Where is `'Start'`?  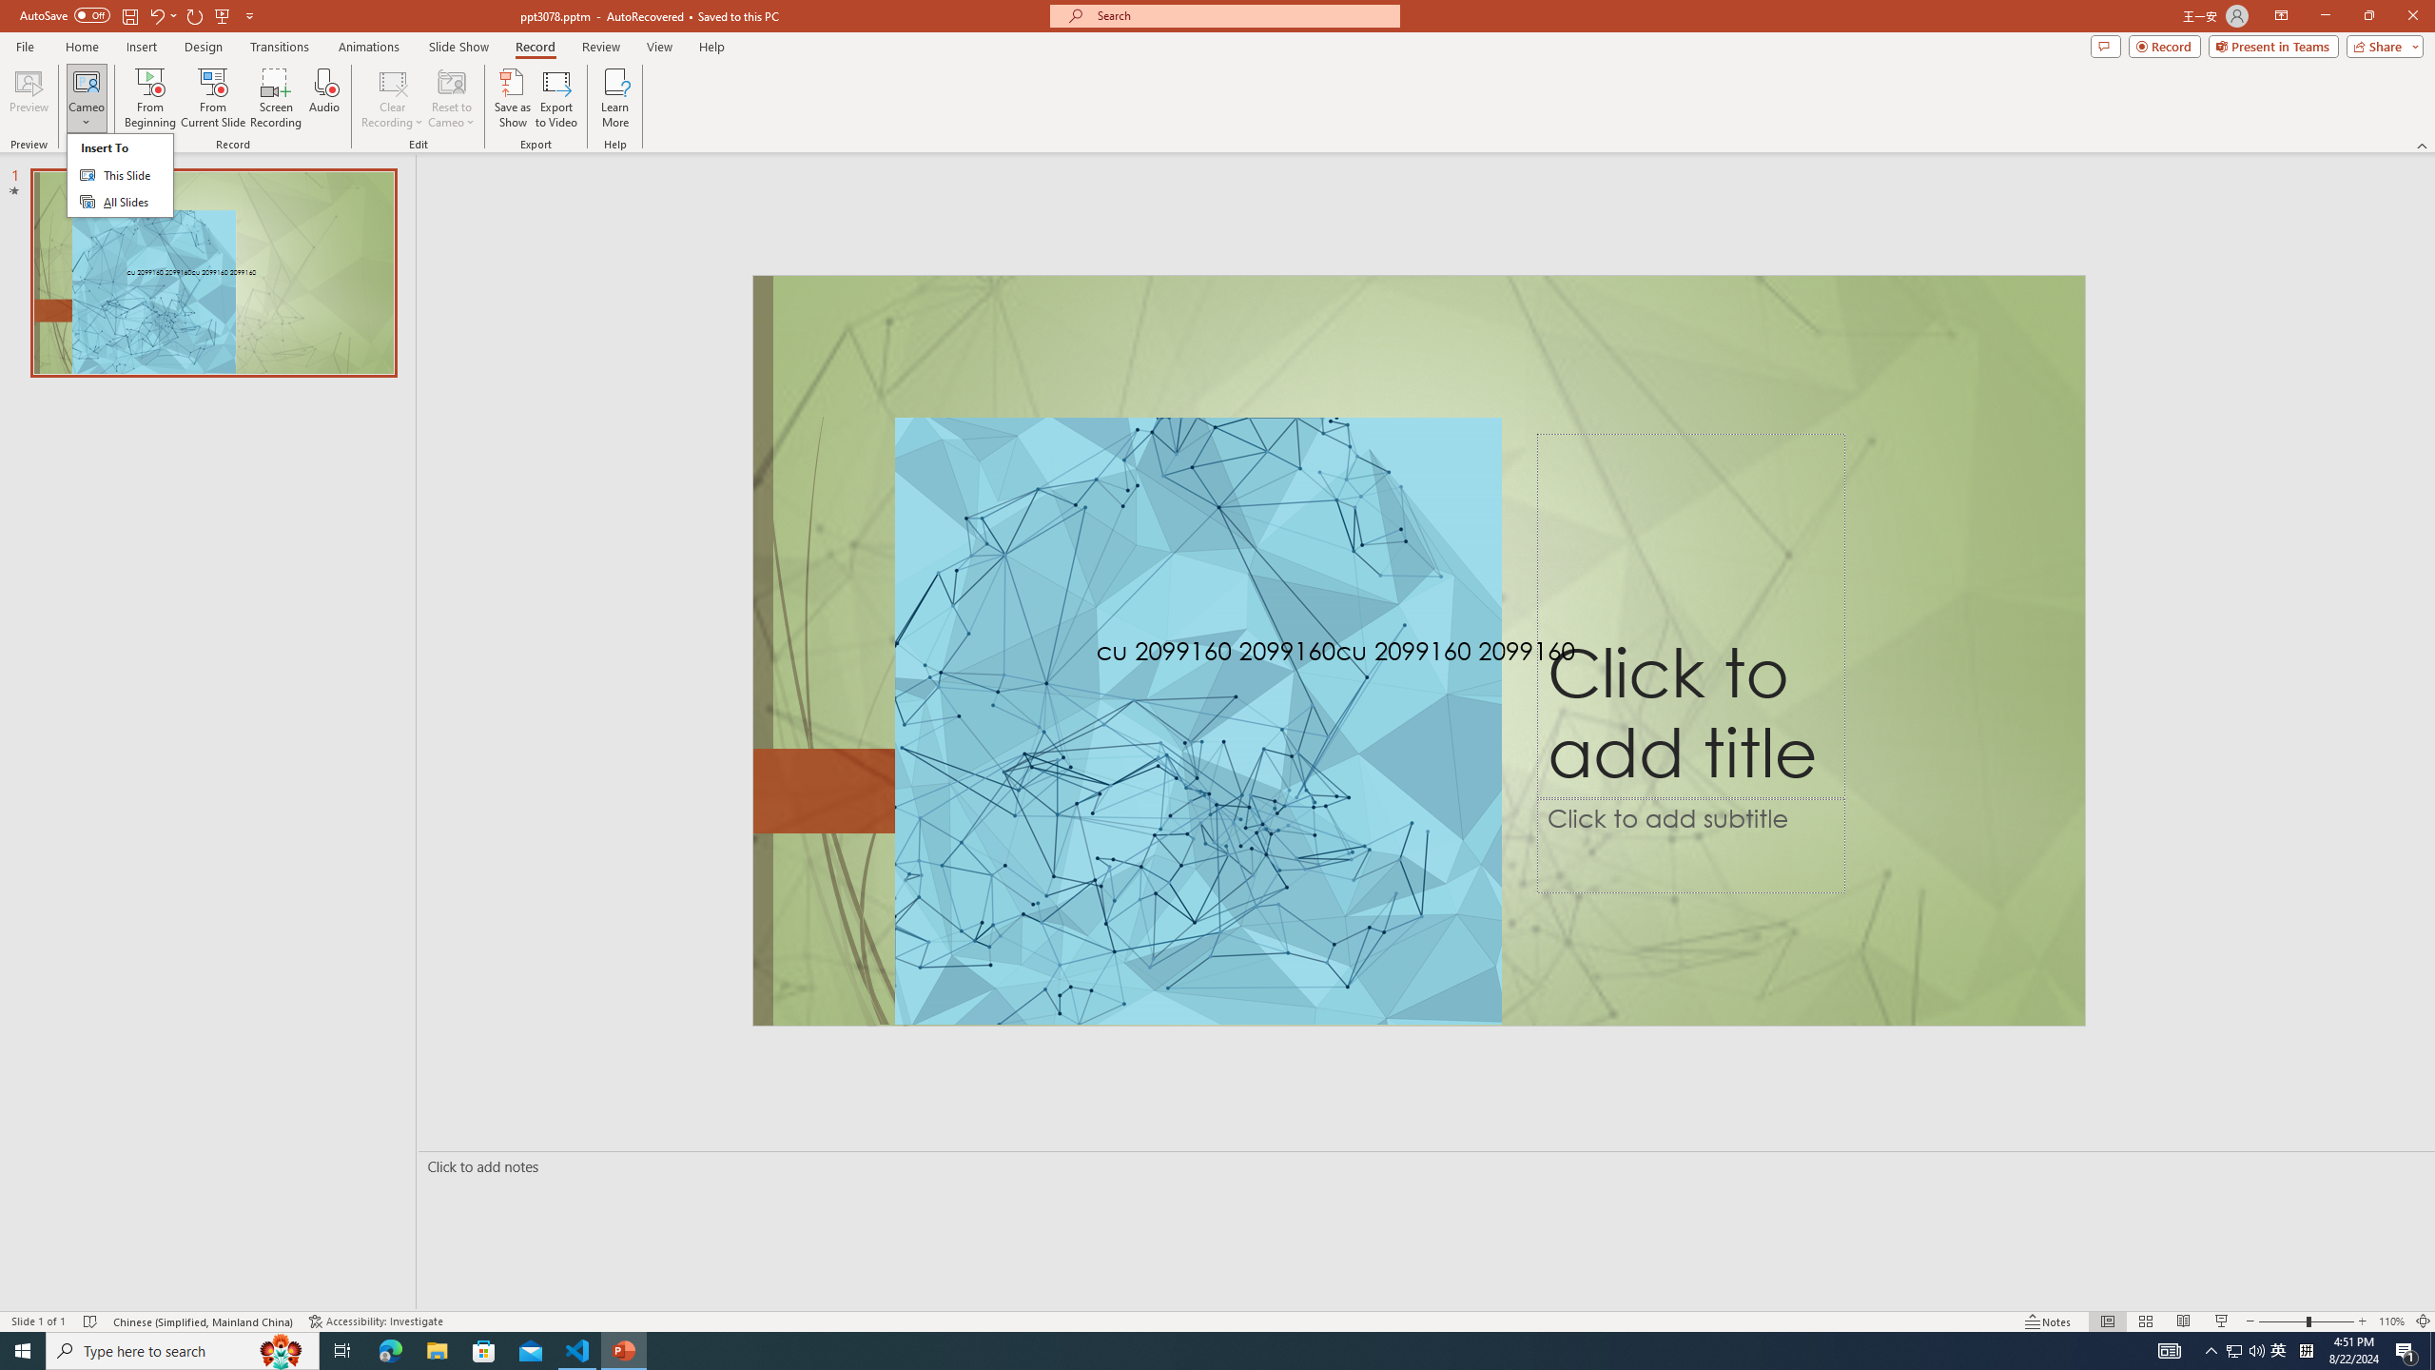 'Start' is located at coordinates (23, 1349).